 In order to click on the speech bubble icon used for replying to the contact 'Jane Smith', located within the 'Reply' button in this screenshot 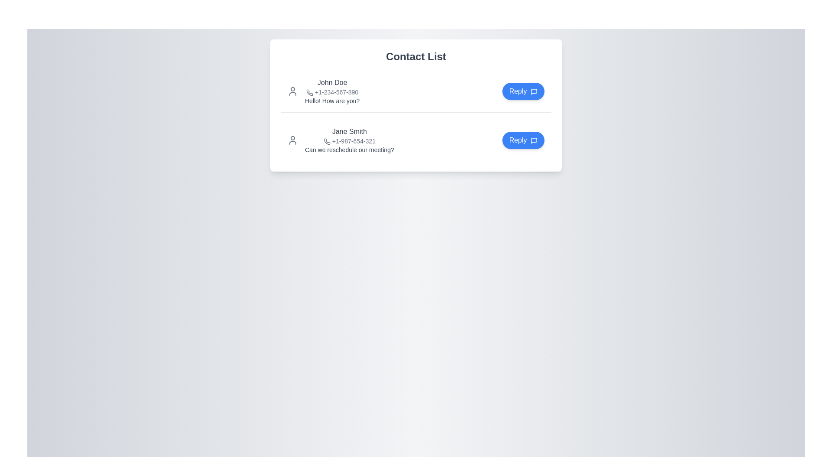, I will do `click(533, 140)`.